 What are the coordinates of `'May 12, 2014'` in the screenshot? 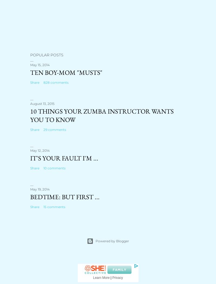 It's located at (40, 150).